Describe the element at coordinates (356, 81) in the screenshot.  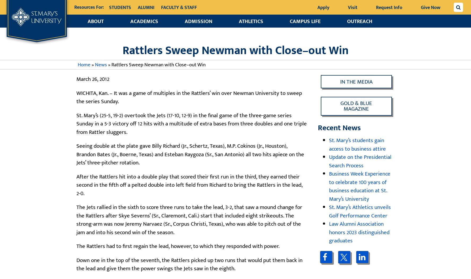
I see `'In the Media'` at that location.